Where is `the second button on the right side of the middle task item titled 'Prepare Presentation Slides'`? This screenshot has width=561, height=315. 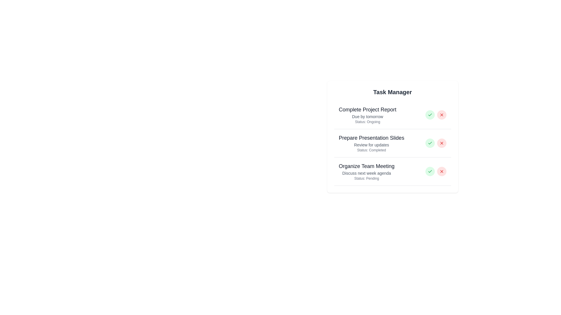 the second button on the right side of the middle task item titled 'Prepare Presentation Slides' is located at coordinates (441, 143).